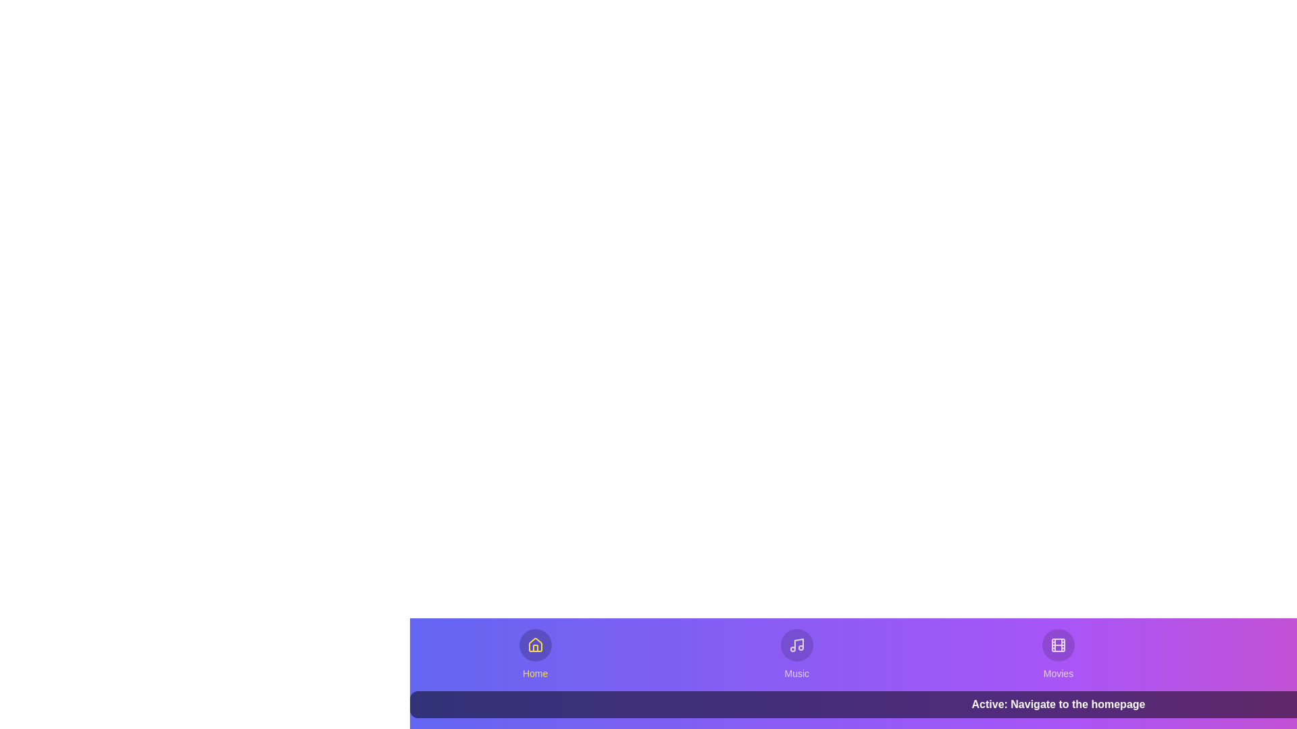 This screenshot has height=729, width=1297. I want to click on the Movies tab from the bottom navigation bar, so click(1057, 653).